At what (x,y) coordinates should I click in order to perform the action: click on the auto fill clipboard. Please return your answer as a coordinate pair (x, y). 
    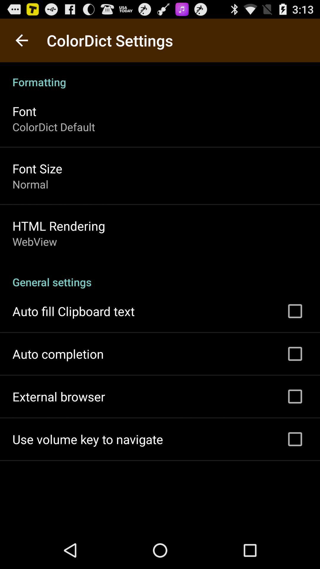
    Looking at the image, I should click on (73, 311).